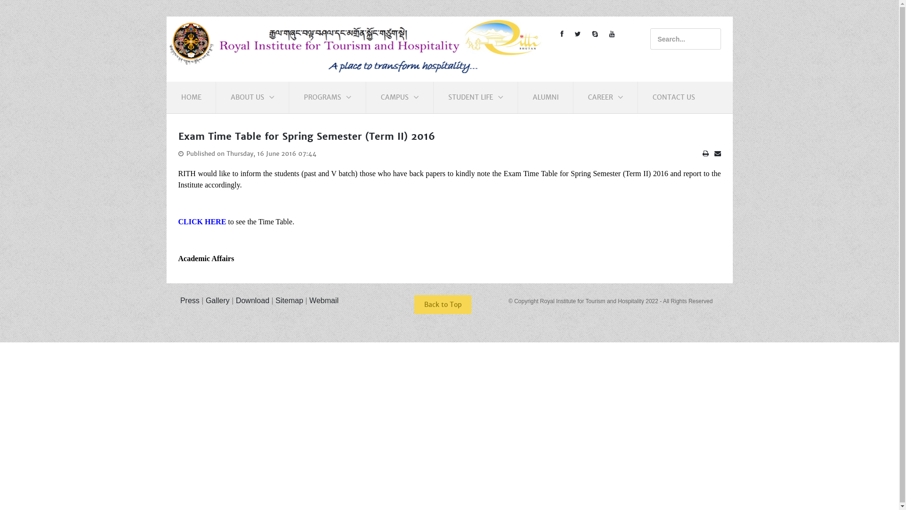 The image size is (906, 510). What do you see at coordinates (217, 300) in the screenshot?
I see `'Gallery'` at bounding box center [217, 300].